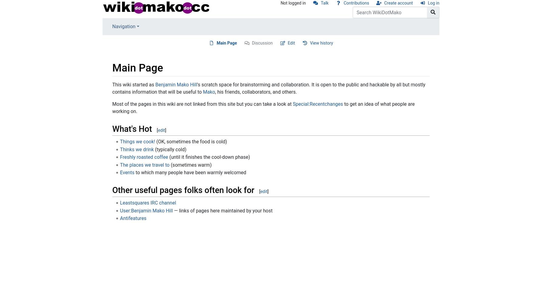 The height and width of the screenshot is (303, 542). What do you see at coordinates (190, 172) in the screenshot?
I see `'to which many people have been warmly welcomed'` at bounding box center [190, 172].